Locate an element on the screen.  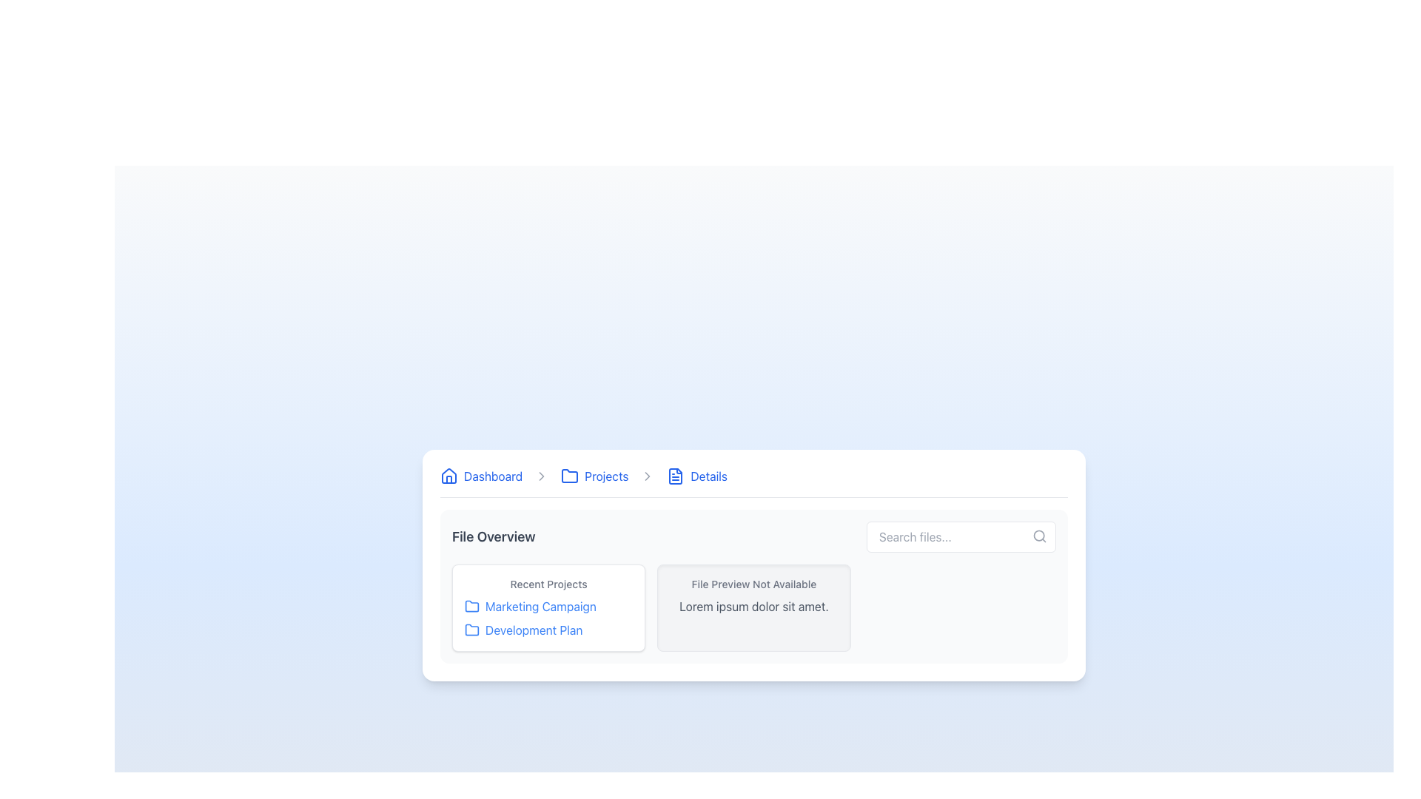
the breadcrumb hyperlink that navigates to the dashboard page, located to the right of the home icon and before the 'Projects' breadcrumb item is located at coordinates (493, 476).